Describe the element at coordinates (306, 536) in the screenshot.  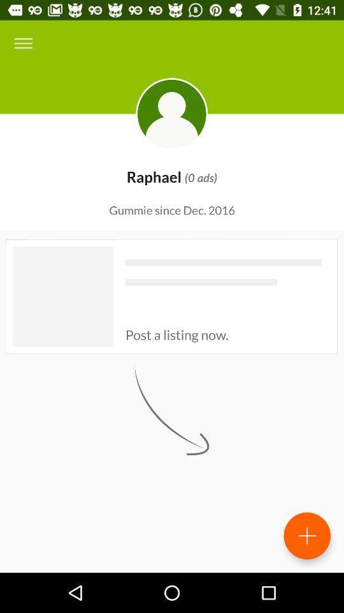
I see `the add icon` at that location.